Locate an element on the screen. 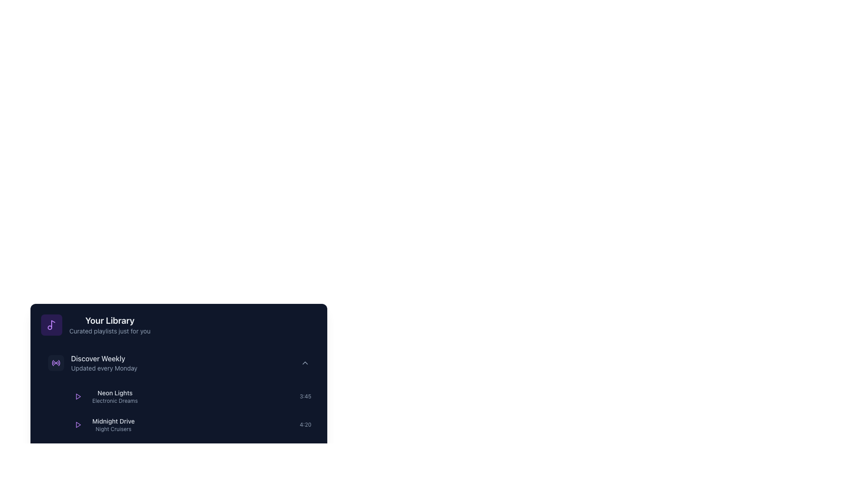 The image size is (848, 477). informational text label that states 'Updated every Monday', which is styled in a smaller light grey font and positioned below the title 'Discover Weekly' is located at coordinates (104, 368).